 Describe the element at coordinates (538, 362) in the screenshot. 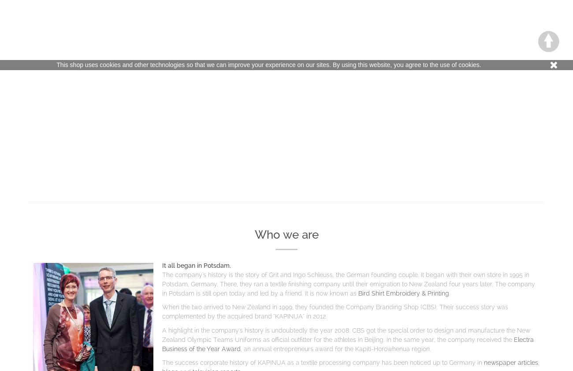

I see `','` at that location.